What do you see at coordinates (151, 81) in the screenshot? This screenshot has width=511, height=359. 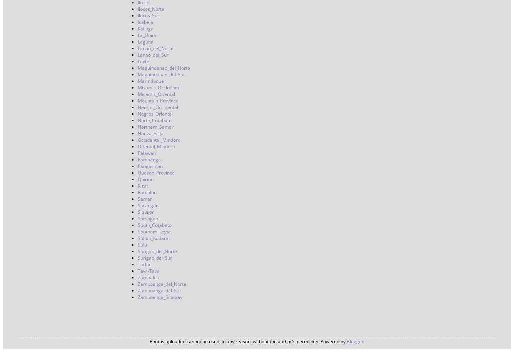 I see `'Marinduque'` at bounding box center [151, 81].